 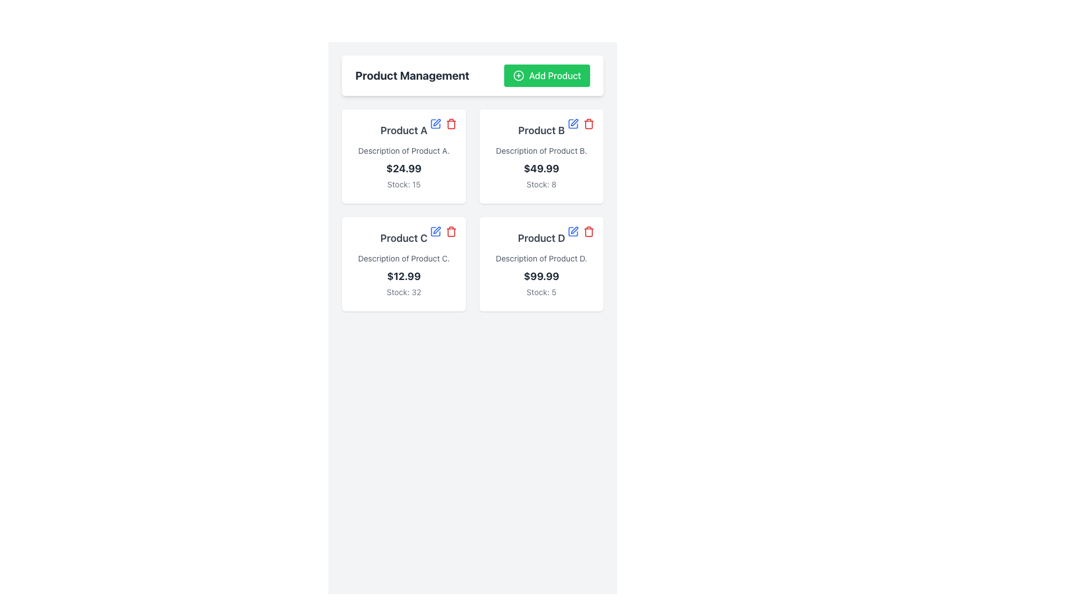 What do you see at coordinates (541, 259) in the screenshot?
I see `the text label reading 'Description of Product D.' which is styled in a small font size and light gray color, located beneath the title 'Product D' and above the price '$99.99'` at bounding box center [541, 259].